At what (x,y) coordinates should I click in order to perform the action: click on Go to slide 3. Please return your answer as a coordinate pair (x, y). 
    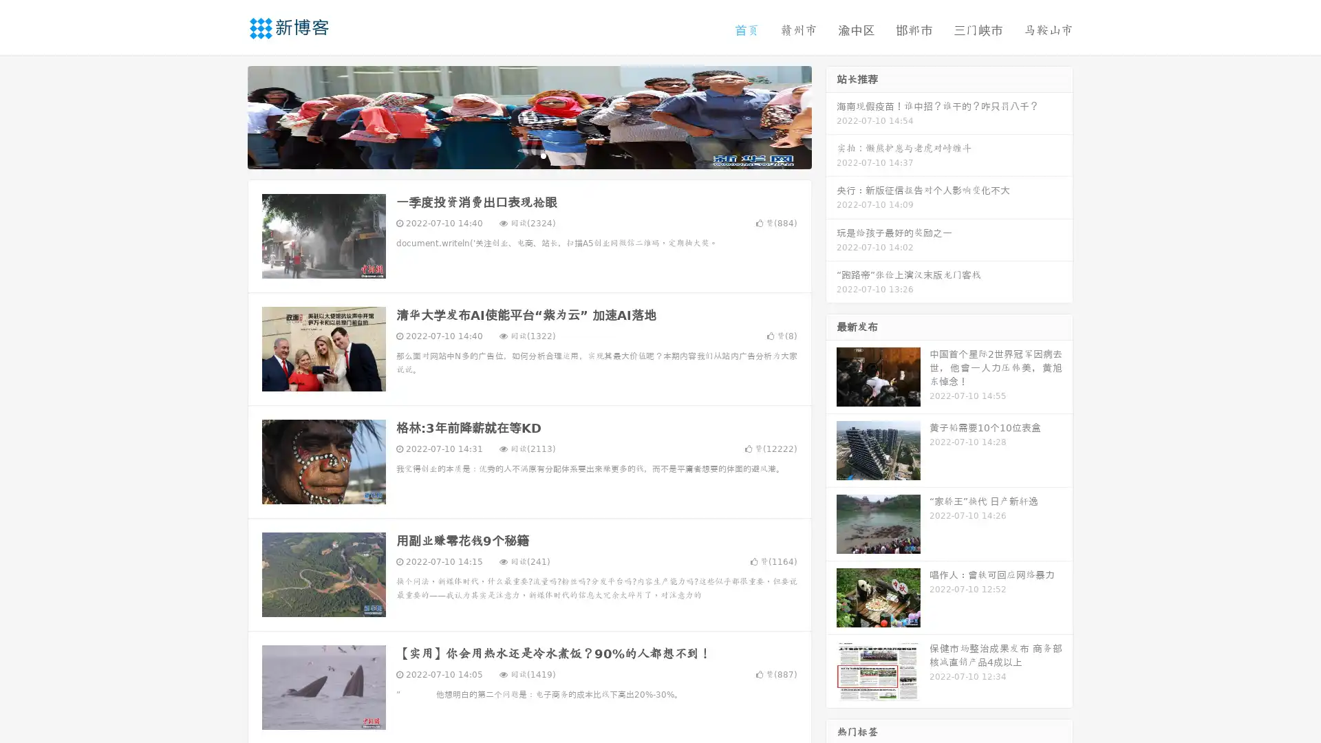
    Looking at the image, I should click on (543, 155).